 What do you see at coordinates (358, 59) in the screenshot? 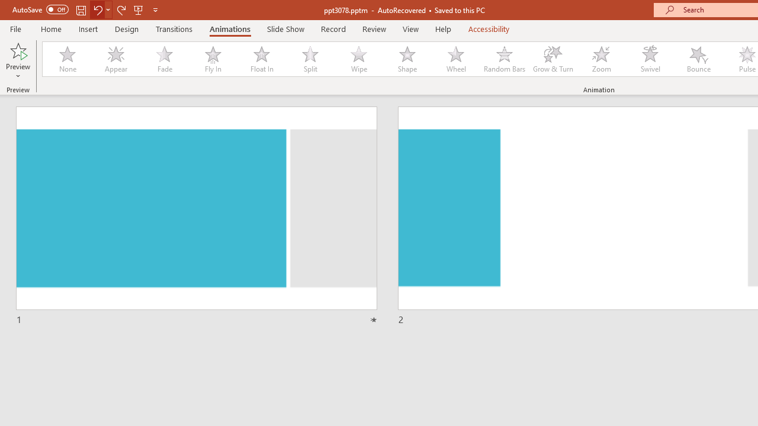
I see `'Wipe'` at bounding box center [358, 59].